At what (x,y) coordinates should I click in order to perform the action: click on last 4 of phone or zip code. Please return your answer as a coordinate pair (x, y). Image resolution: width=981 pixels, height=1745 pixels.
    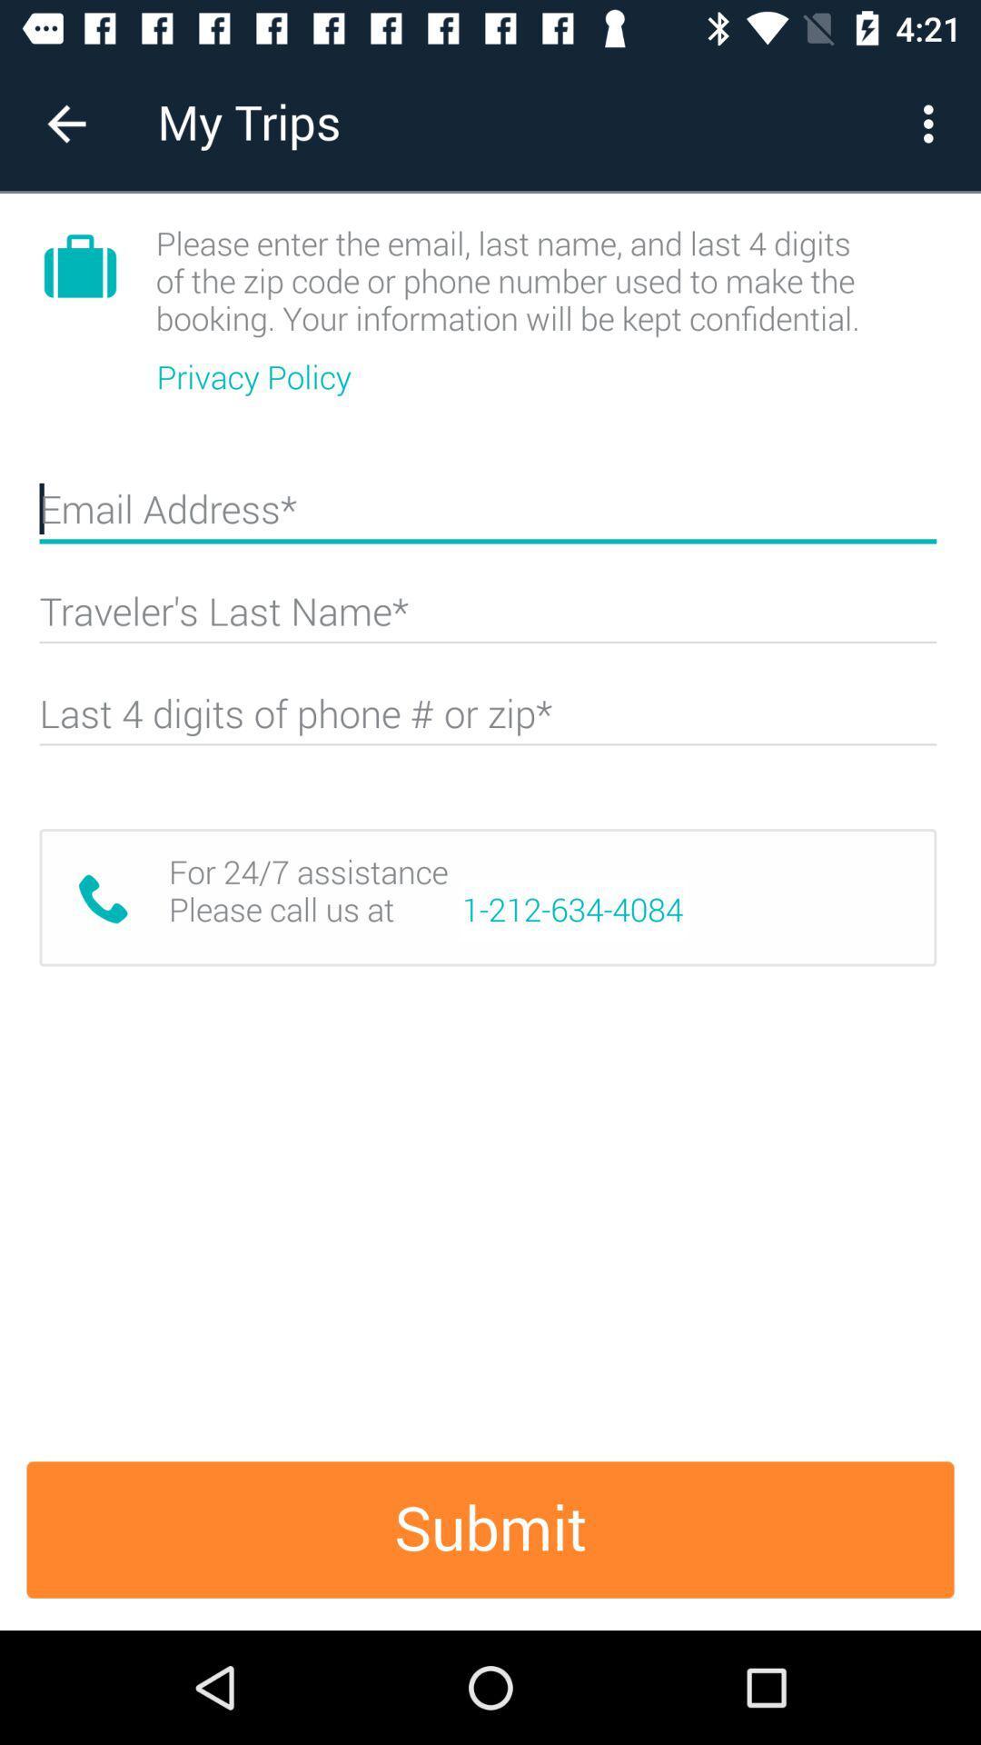
    Looking at the image, I should click on (487, 721).